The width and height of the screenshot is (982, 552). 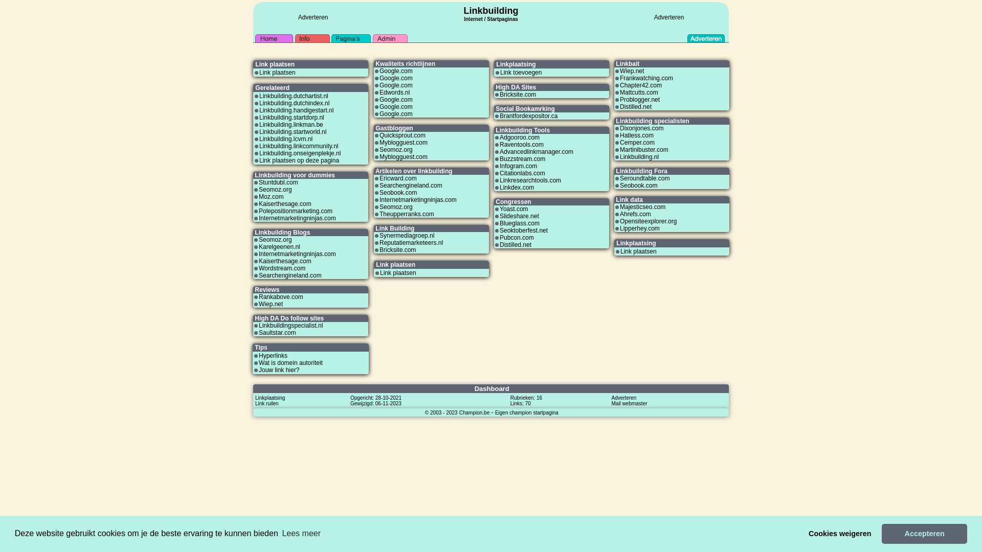 What do you see at coordinates (259, 146) in the screenshot?
I see `'Linkbuilding.linkcommunity.nl'` at bounding box center [259, 146].